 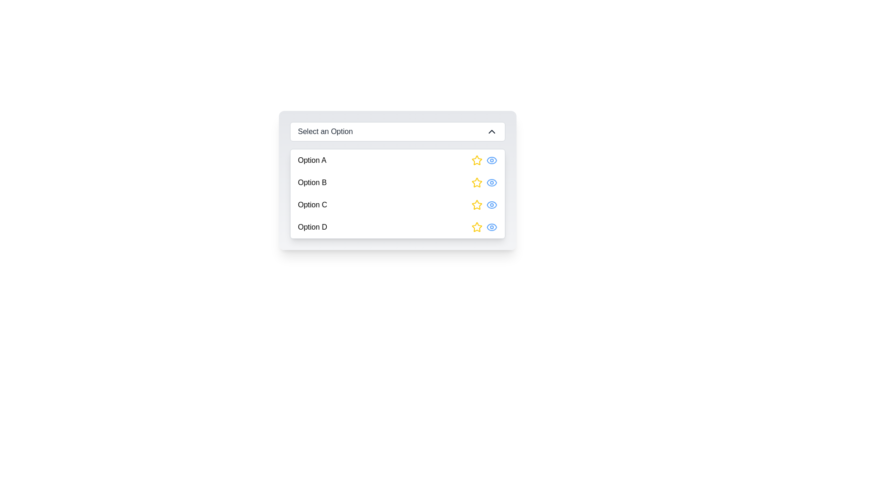 What do you see at coordinates (491, 160) in the screenshot?
I see `the eye icon located to the right of the yellow star icon, which serves as a visibility indicator for 'Option A'` at bounding box center [491, 160].